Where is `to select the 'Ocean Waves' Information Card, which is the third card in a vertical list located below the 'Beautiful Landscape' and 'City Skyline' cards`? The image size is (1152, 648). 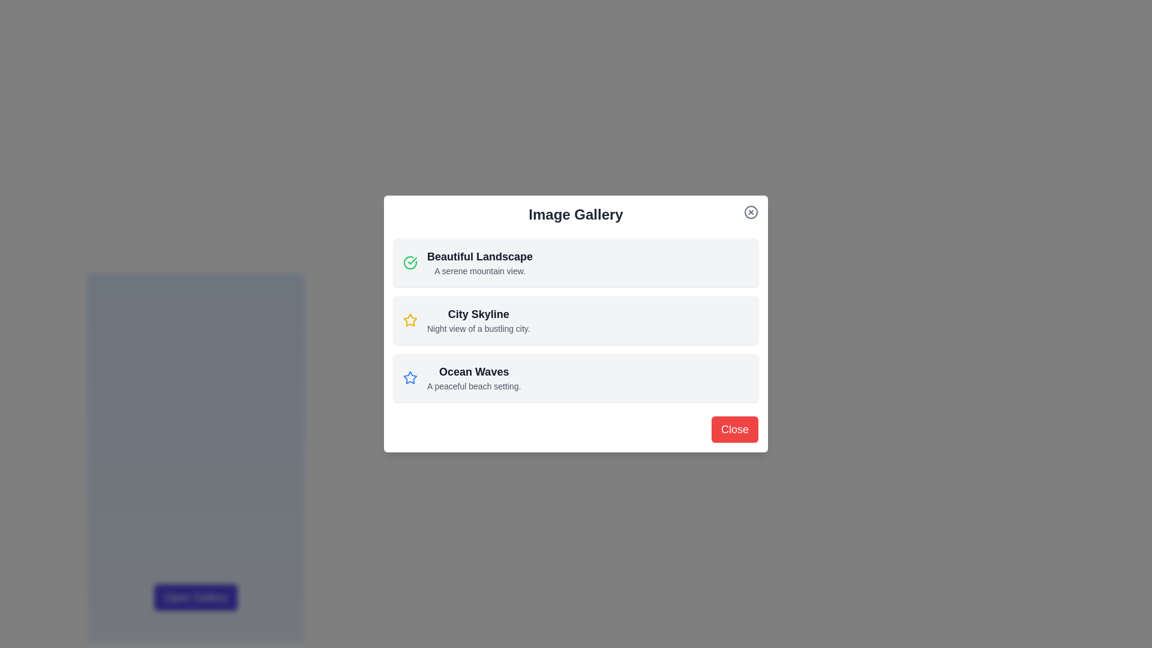
to select the 'Ocean Waves' Information Card, which is the third card in a vertical list located below the 'Beautiful Landscape' and 'City Skyline' cards is located at coordinates (576, 377).